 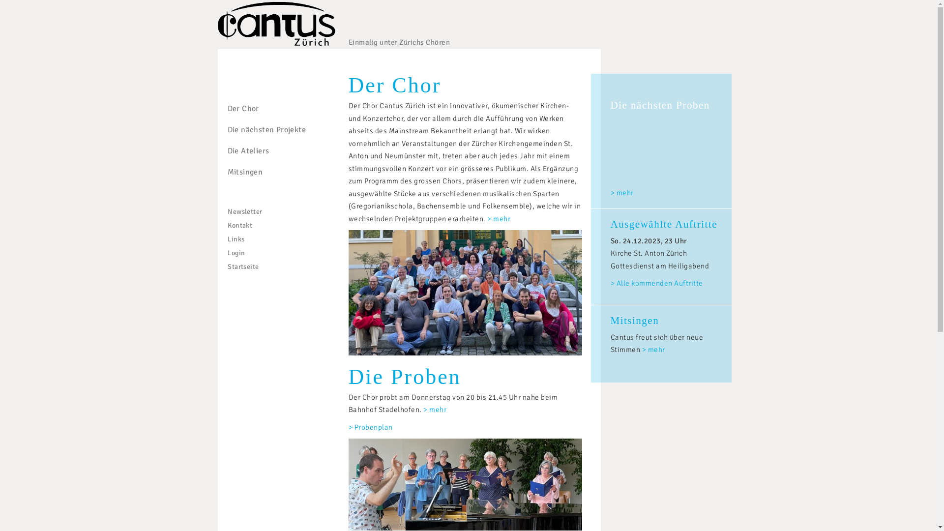 What do you see at coordinates (221, 252) in the screenshot?
I see `'Login'` at bounding box center [221, 252].